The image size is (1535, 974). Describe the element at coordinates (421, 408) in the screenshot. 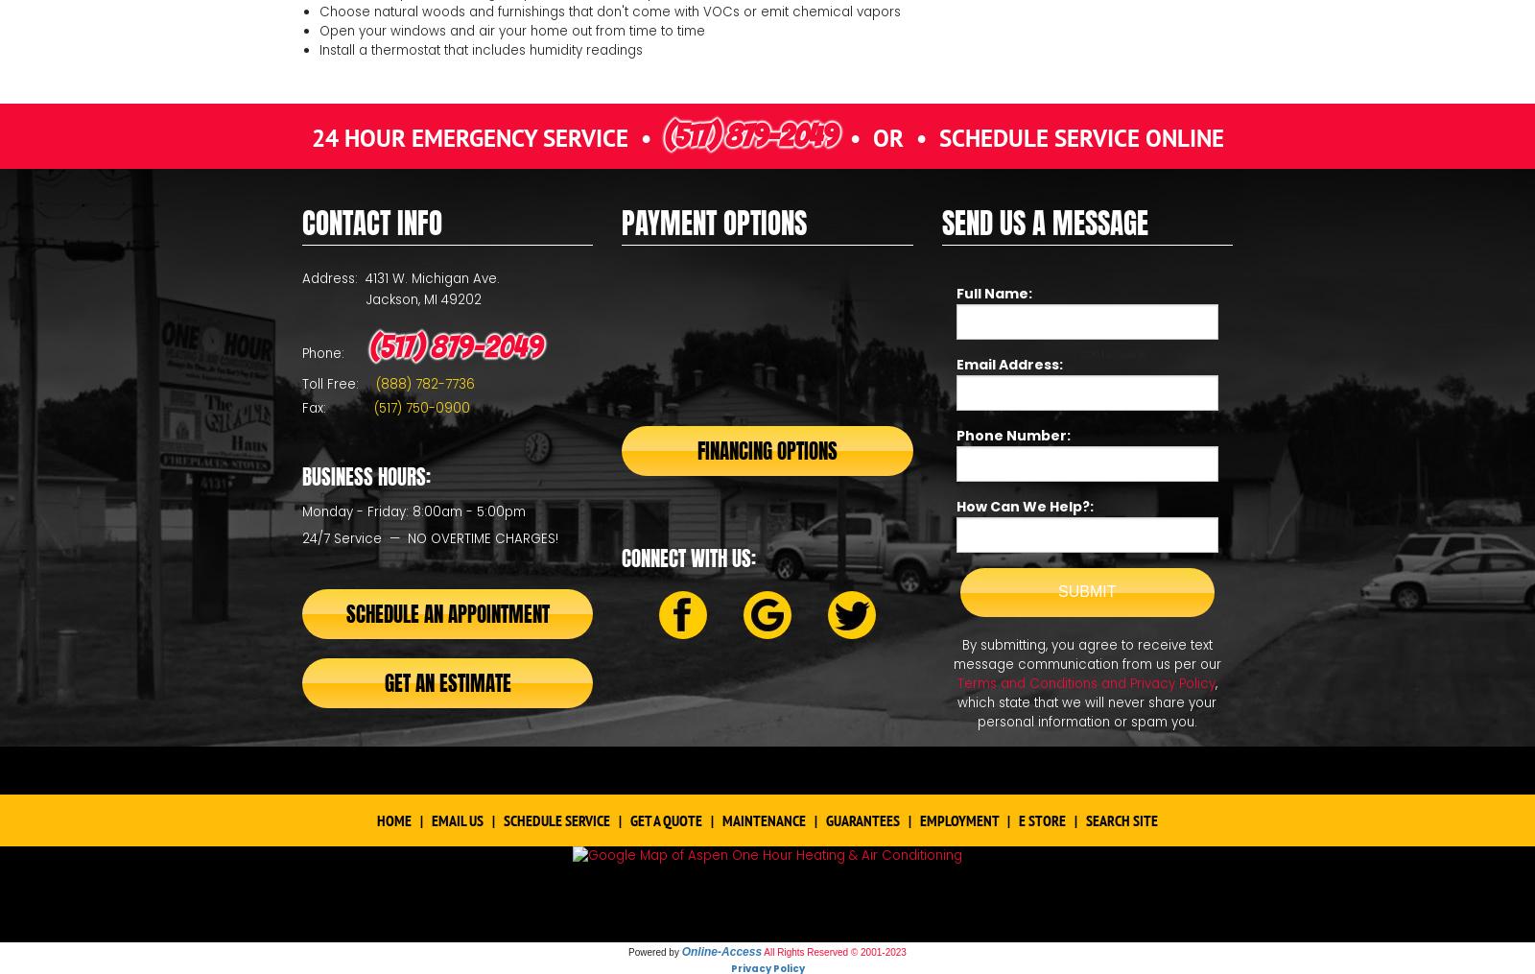

I see `'(517) 750-0900'` at that location.